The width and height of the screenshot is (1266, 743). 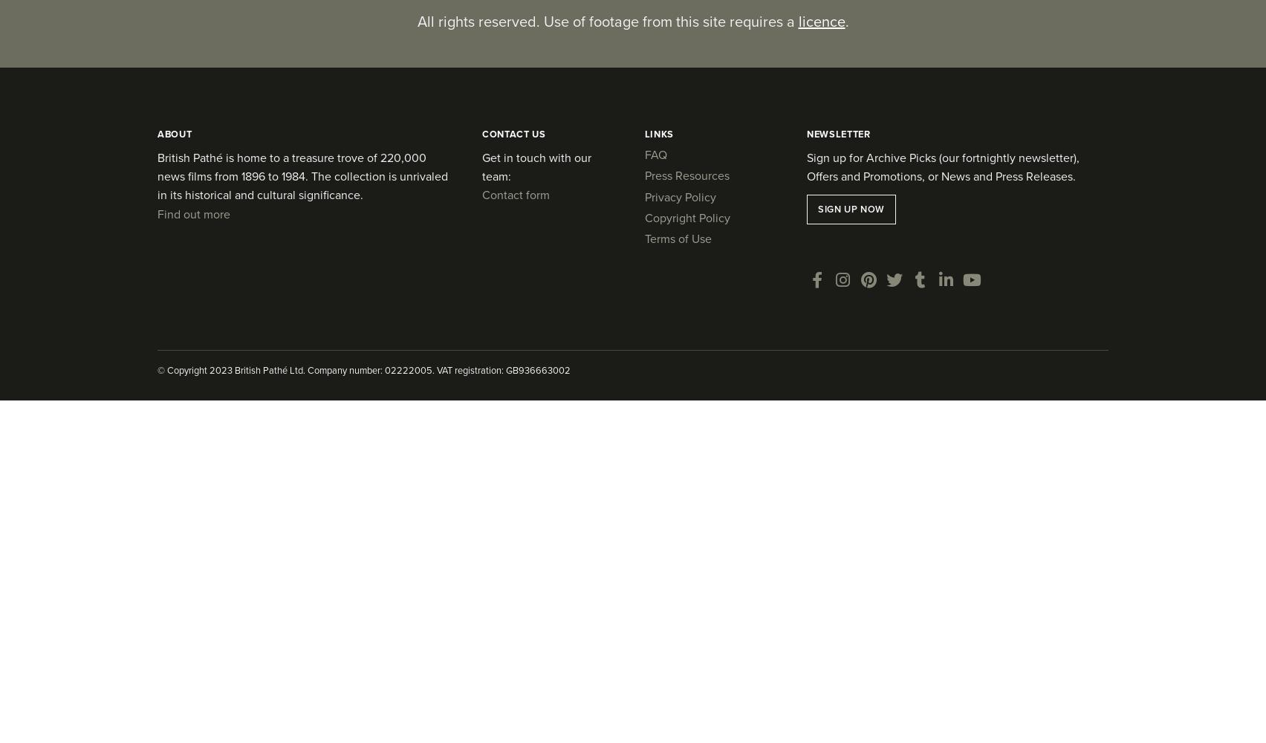 I want to click on '.', so click(x=845, y=22).